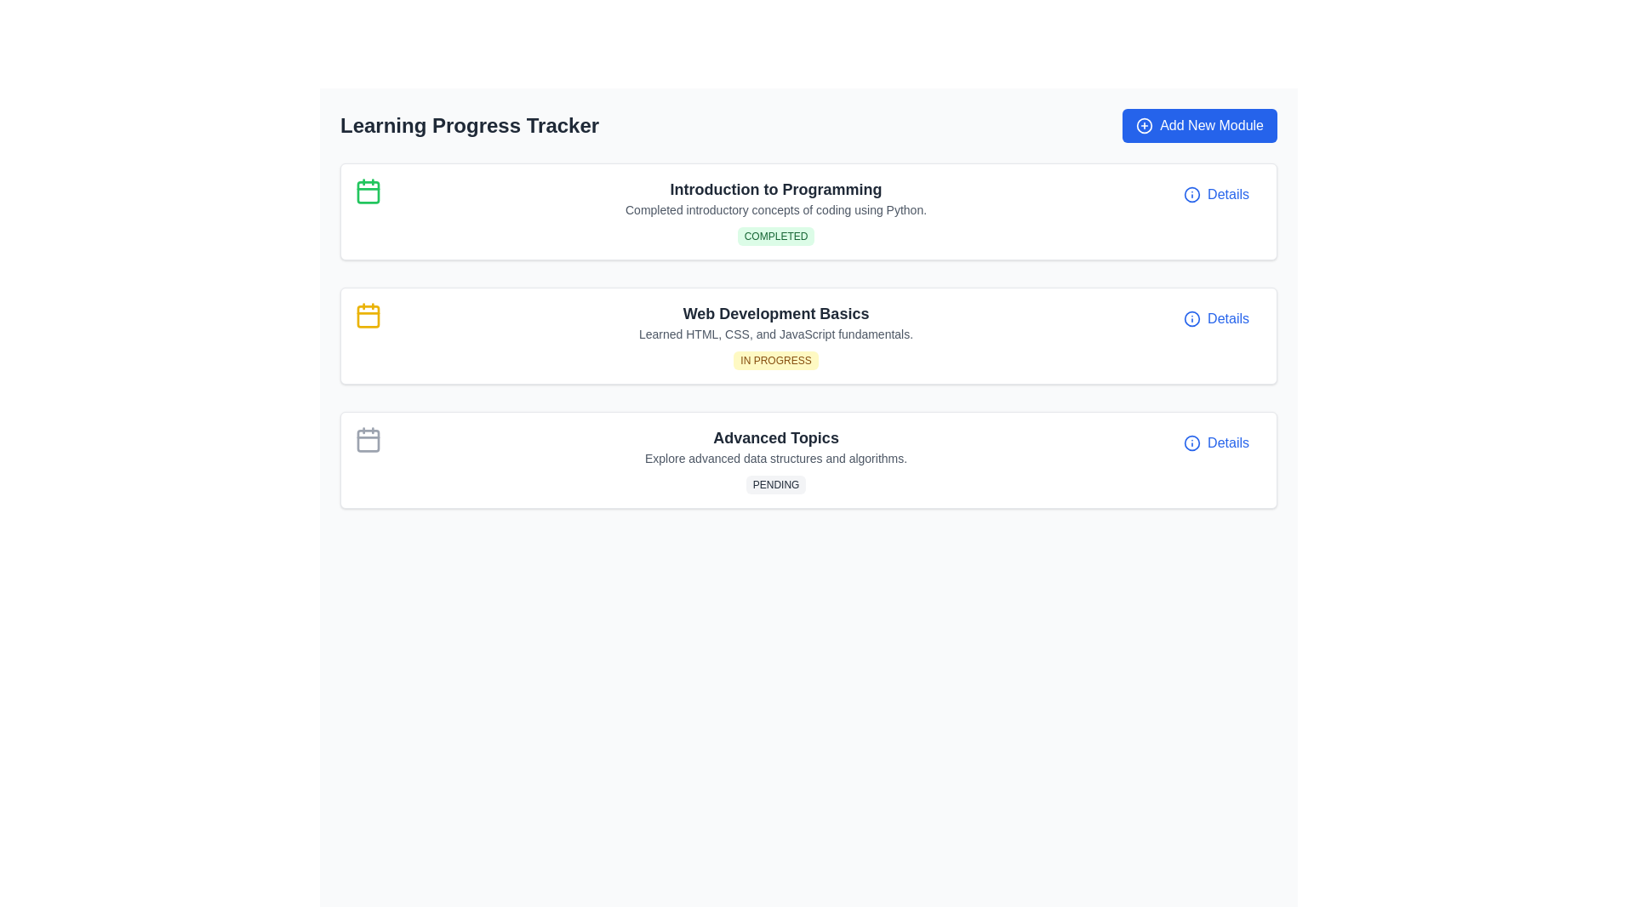 The width and height of the screenshot is (1634, 919). What do you see at coordinates (775, 190) in the screenshot?
I see `the module title label that indicates the name of the course or topic in the learning progress tracker interface` at bounding box center [775, 190].